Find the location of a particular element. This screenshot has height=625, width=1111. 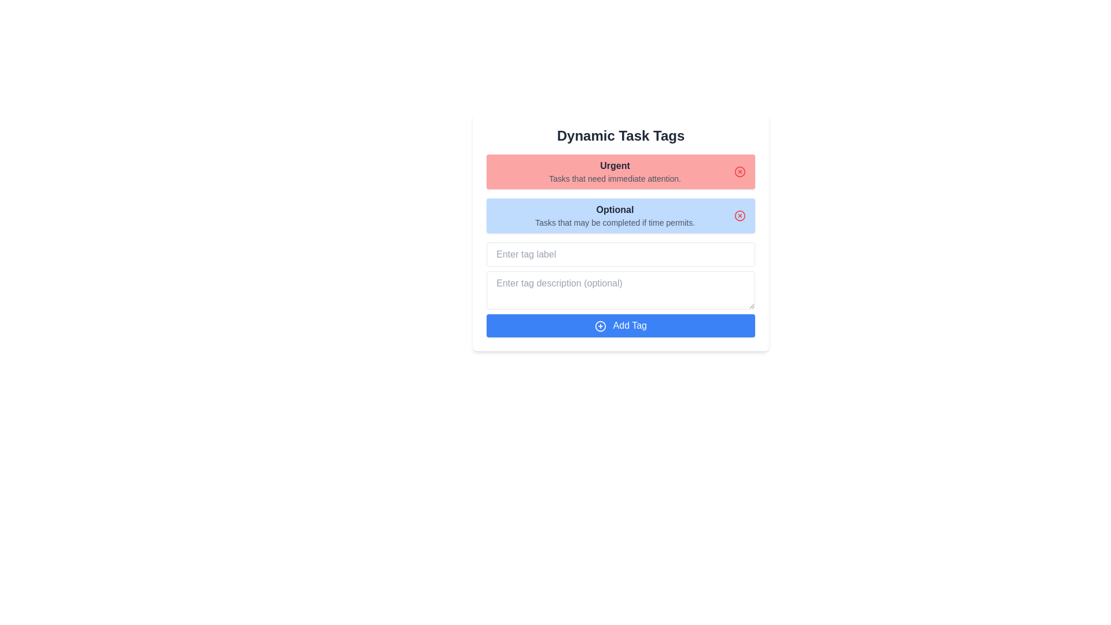

the blue rectangular 'Add Tag' button located at the bottom of the 'Dynamic Task Tags' section is located at coordinates (620, 326).